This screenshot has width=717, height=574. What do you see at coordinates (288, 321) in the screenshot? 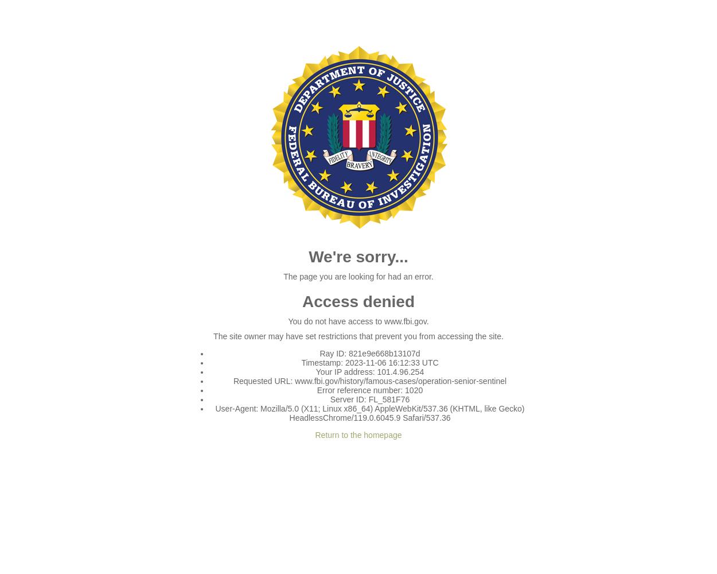
I see `'You do not have access to www.fbi.gov.'` at bounding box center [288, 321].